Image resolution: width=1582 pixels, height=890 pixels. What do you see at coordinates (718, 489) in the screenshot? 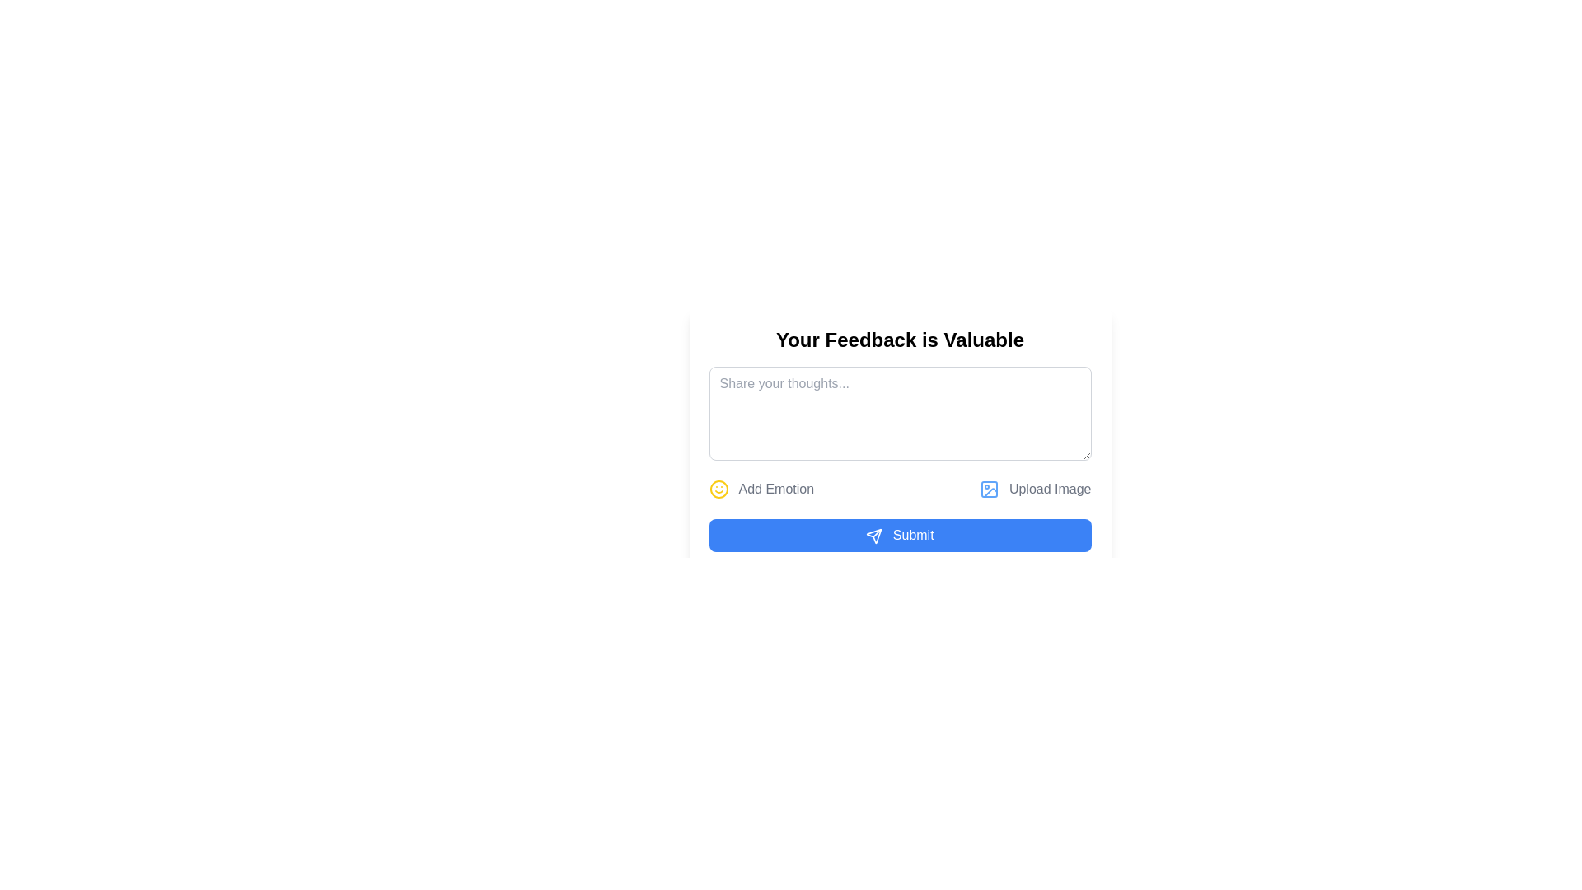
I see `the icon located on the left side of the 'Add Emotion' label, which serves as a visual indicator for adding emotions or reactions` at bounding box center [718, 489].